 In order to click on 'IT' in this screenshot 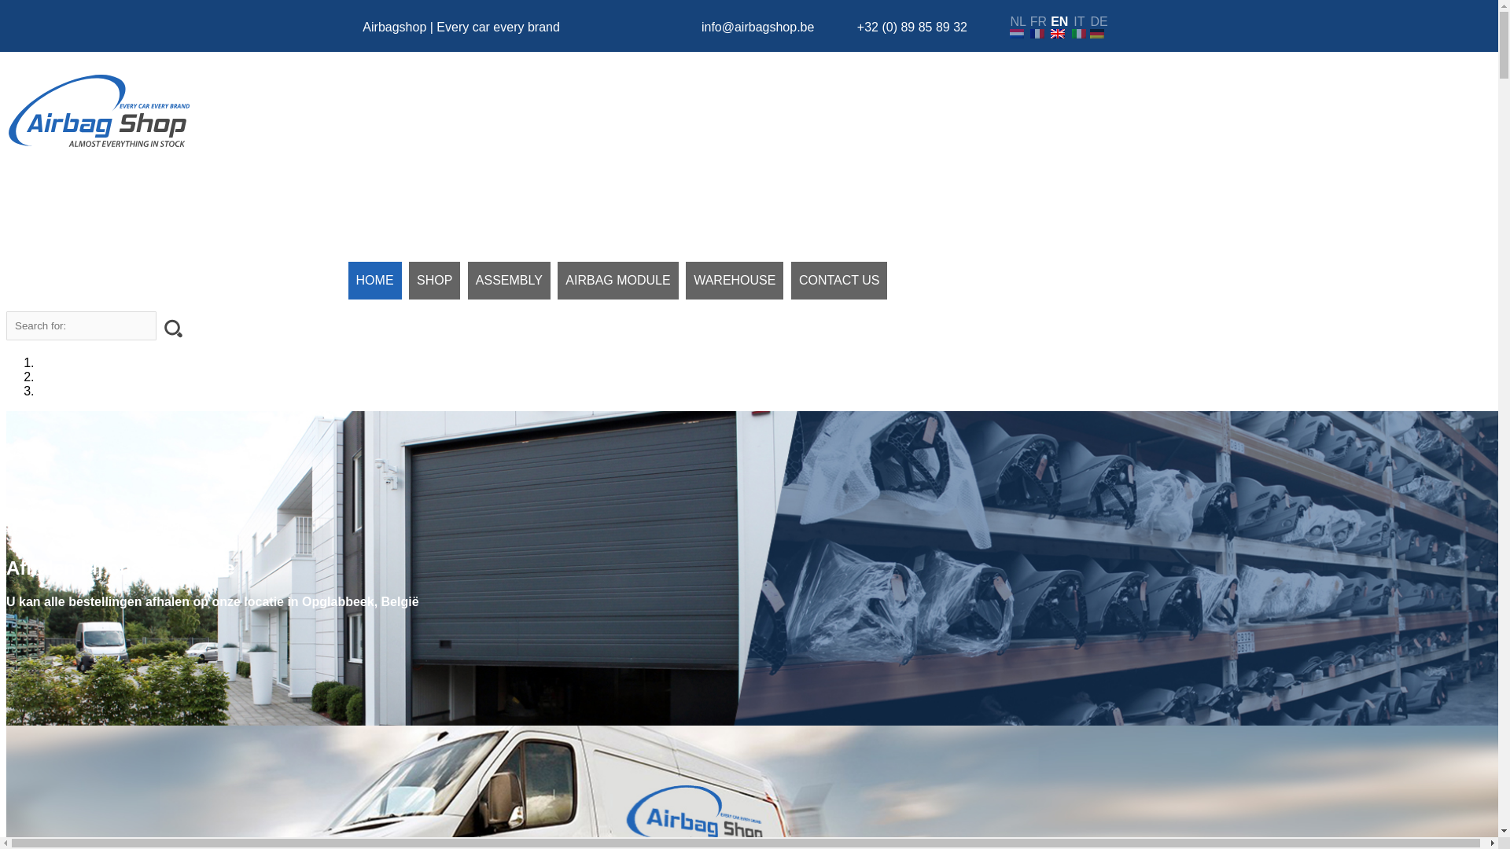, I will do `click(1071, 27)`.